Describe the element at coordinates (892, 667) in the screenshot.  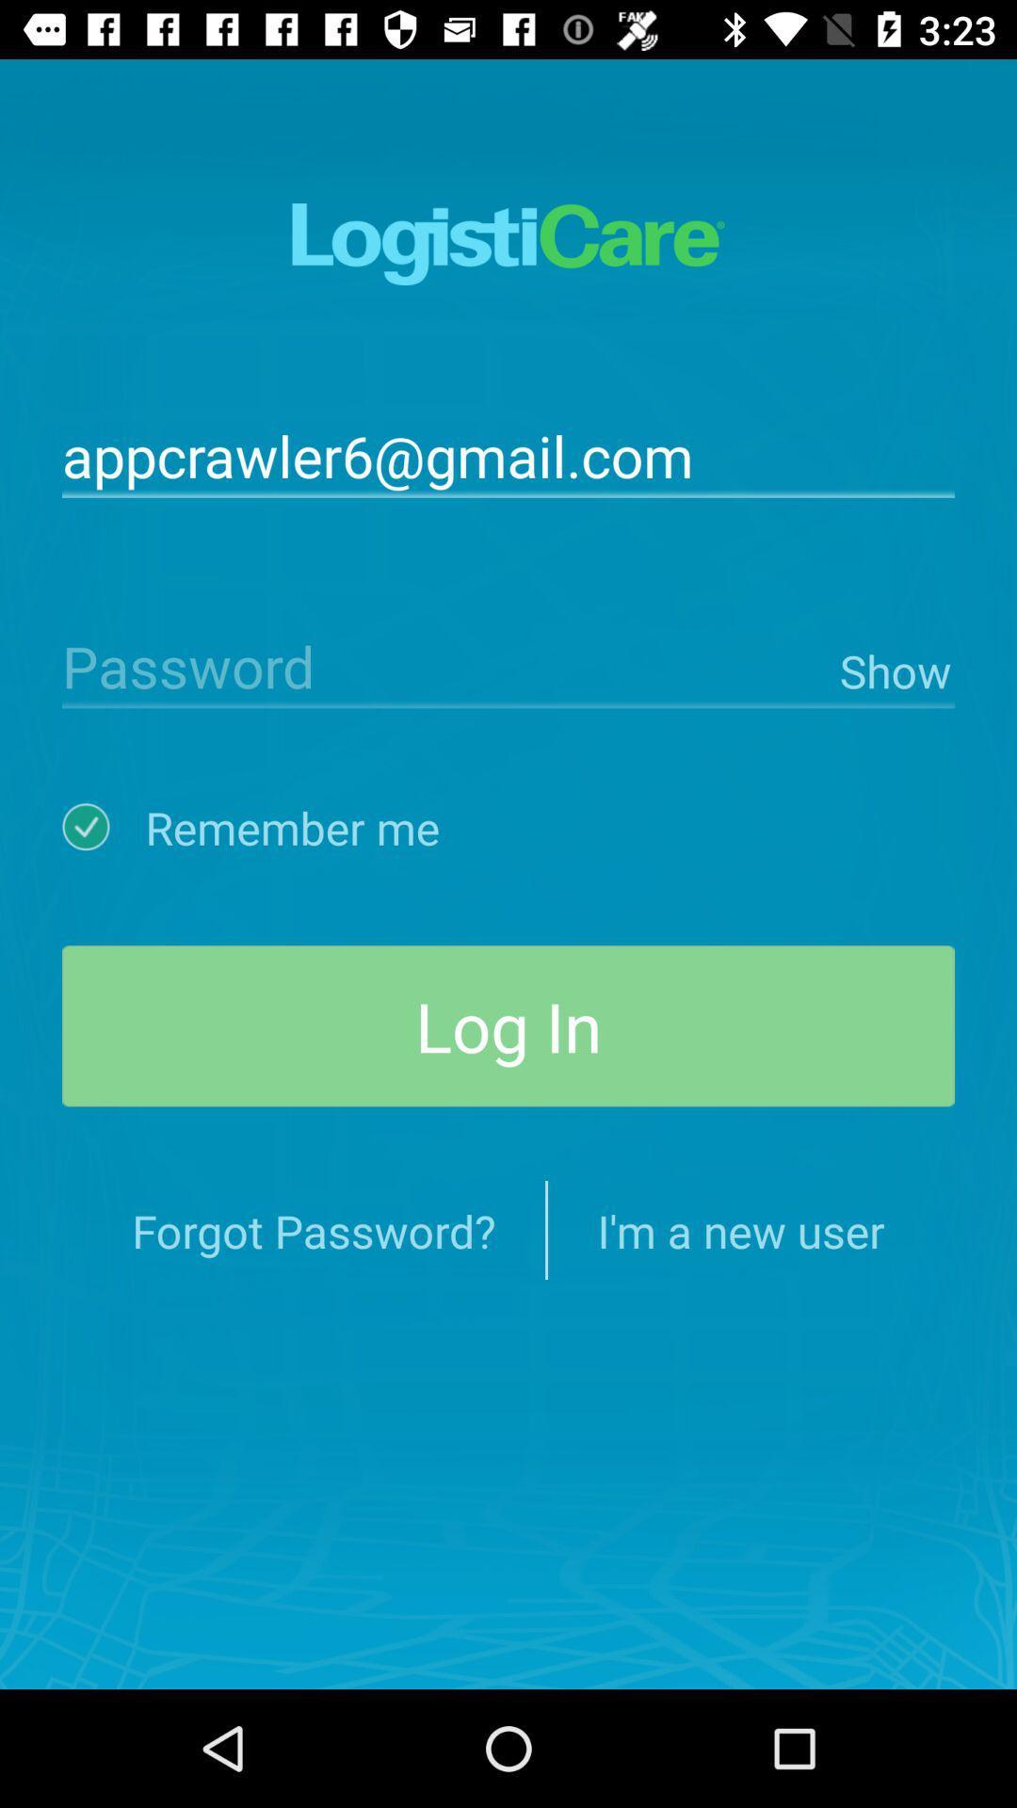
I see `show item` at that location.